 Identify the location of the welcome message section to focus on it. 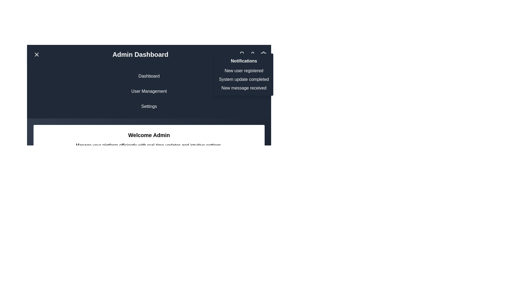
(149, 140).